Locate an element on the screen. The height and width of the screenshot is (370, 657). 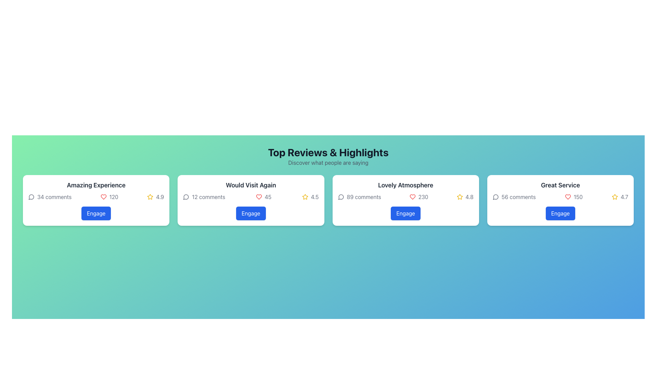
the Rating Indicator located in the bottom-right section of the first card under the category 'Amazing Experience', next to the heart icon and the numeric value '120' is located at coordinates (155, 197).